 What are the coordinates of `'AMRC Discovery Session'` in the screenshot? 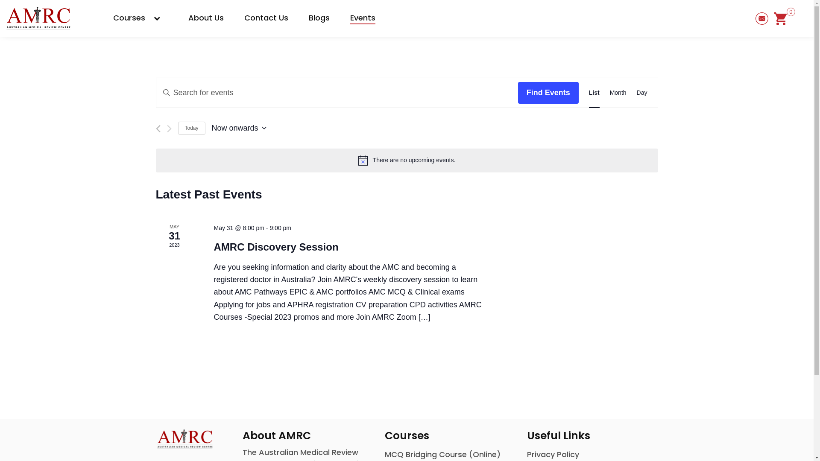 It's located at (276, 247).